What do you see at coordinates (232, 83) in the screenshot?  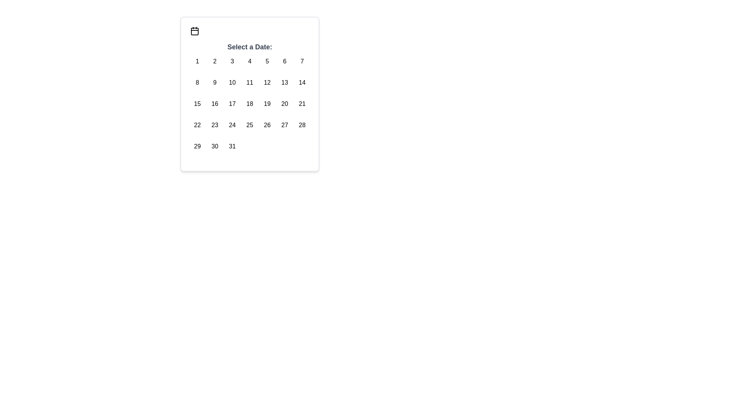 I see `the circular button labeled '10' in the middle column of the second row of the calendar grid` at bounding box center [232, 83].